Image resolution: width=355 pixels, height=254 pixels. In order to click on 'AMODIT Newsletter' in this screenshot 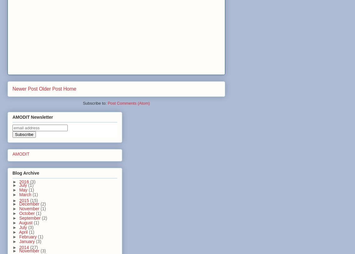, I will do `click(32, 117)`.